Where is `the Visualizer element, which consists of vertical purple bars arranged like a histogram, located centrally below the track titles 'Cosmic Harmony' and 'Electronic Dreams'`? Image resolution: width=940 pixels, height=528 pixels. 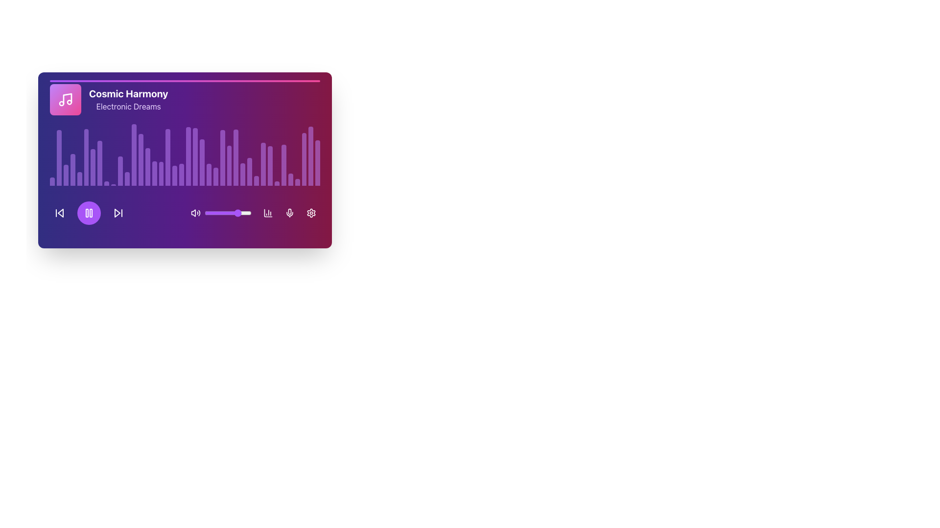 the Visualizer element, which consists of vertical purple bars arranged like a histogram, located centrally below the track titles 'Cosmic Harmony' and 'Electronic Dreams' is located at coordinates (185, 154).